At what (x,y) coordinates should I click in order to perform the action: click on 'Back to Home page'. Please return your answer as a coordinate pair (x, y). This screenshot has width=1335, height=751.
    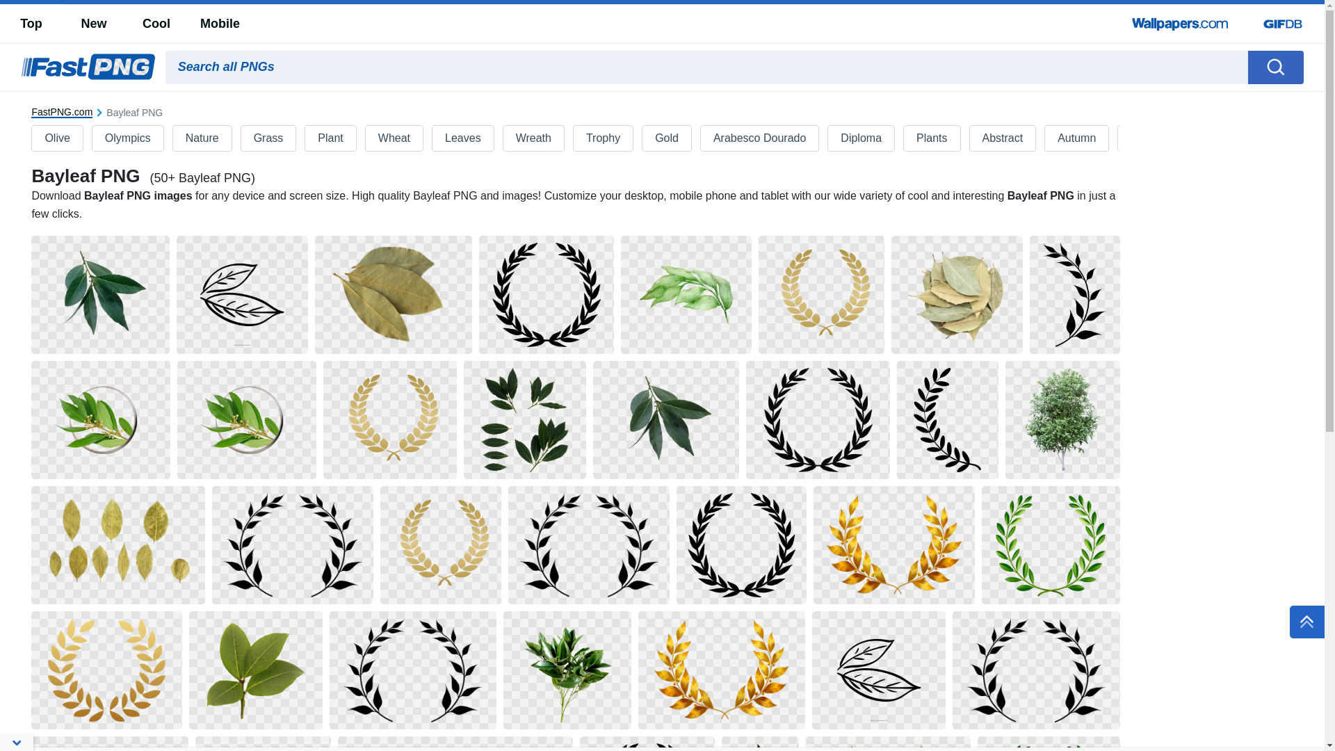
    Looking at the image, I should click on (87, 67).